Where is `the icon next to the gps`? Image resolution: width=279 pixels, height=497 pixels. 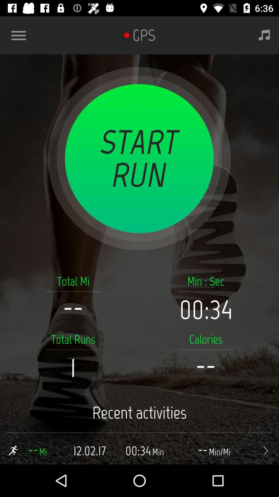 the icon next to the gps is located at coordinates (127, 35).